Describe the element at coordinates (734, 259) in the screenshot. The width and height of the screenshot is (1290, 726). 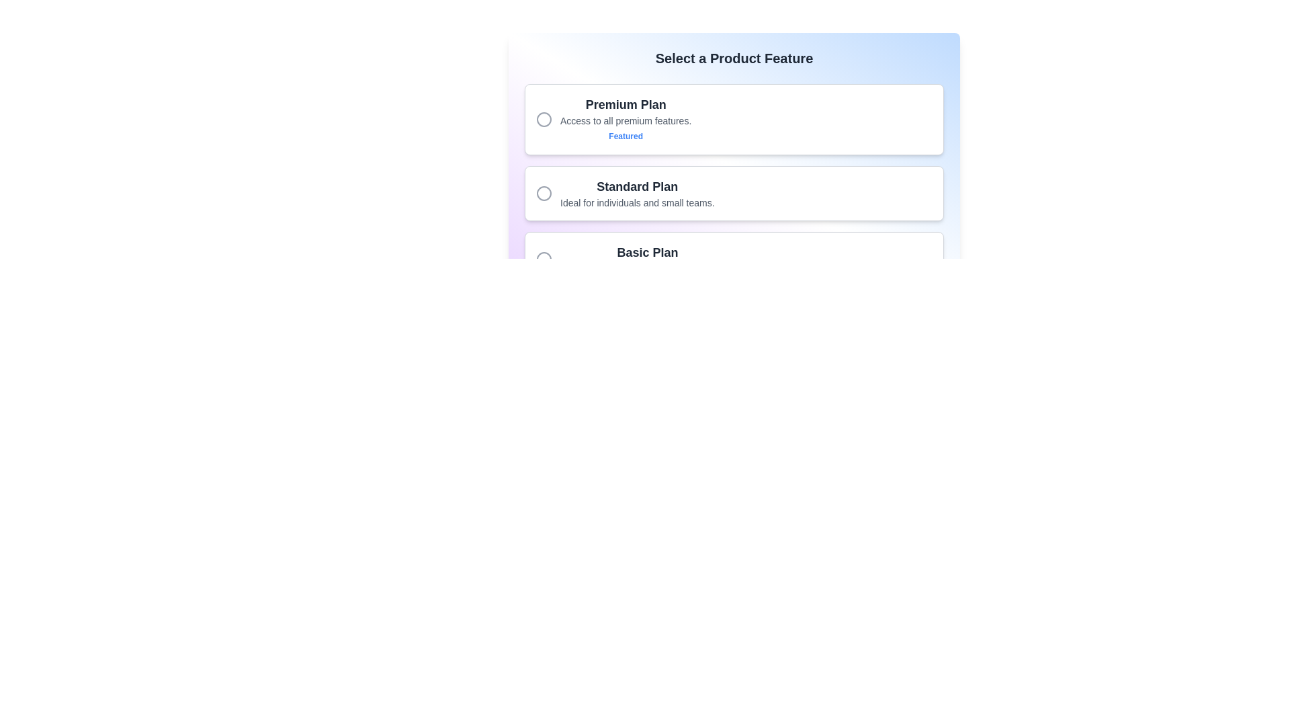
I see `the 'Basic Plan' selection card located at the bottom of the vertically-stacked list of selection cards` at that location.